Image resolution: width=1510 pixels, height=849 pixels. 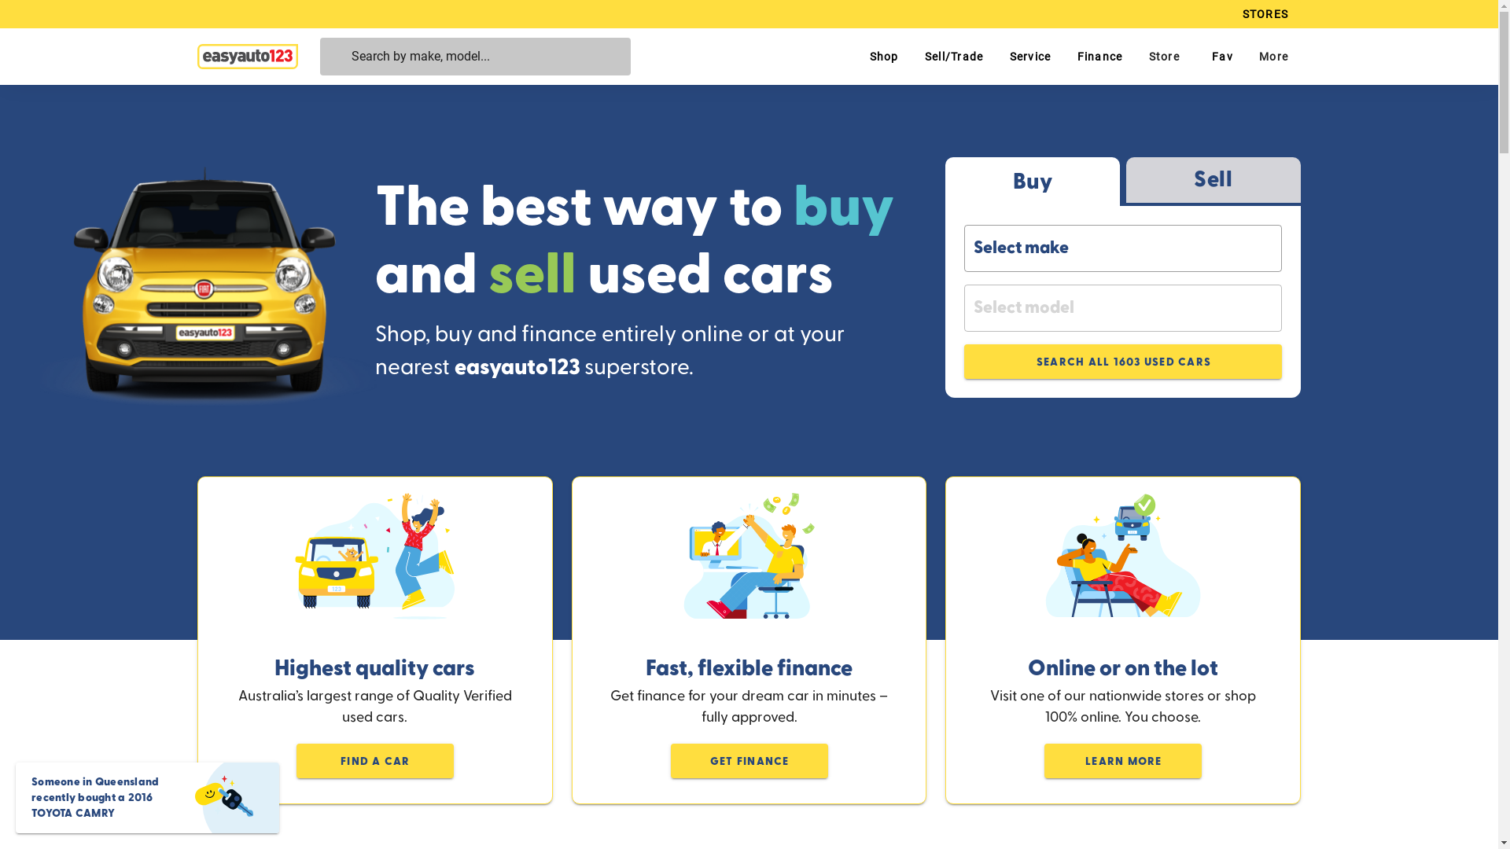 I want to click on 'FIND A CAR', so click(x=296, y=760).